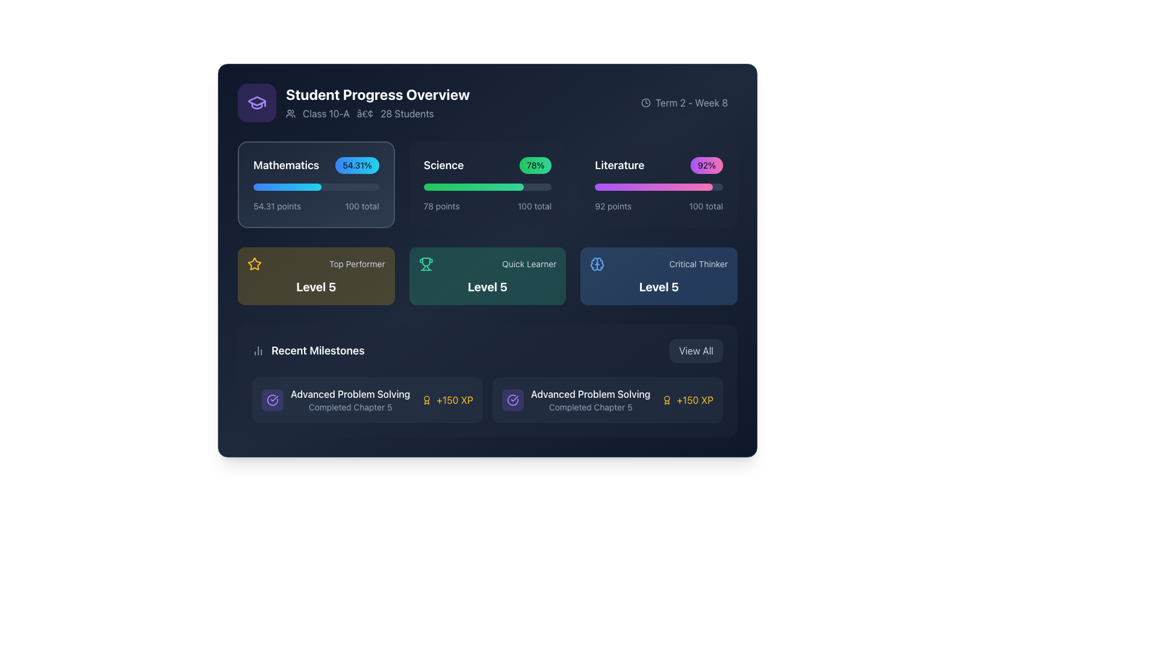 Image resolution: width=1156 pixels, height=650 pixels. I want to click on the Grid of subject progress cards in the 'Student Progress Overview', so click(488, 185).